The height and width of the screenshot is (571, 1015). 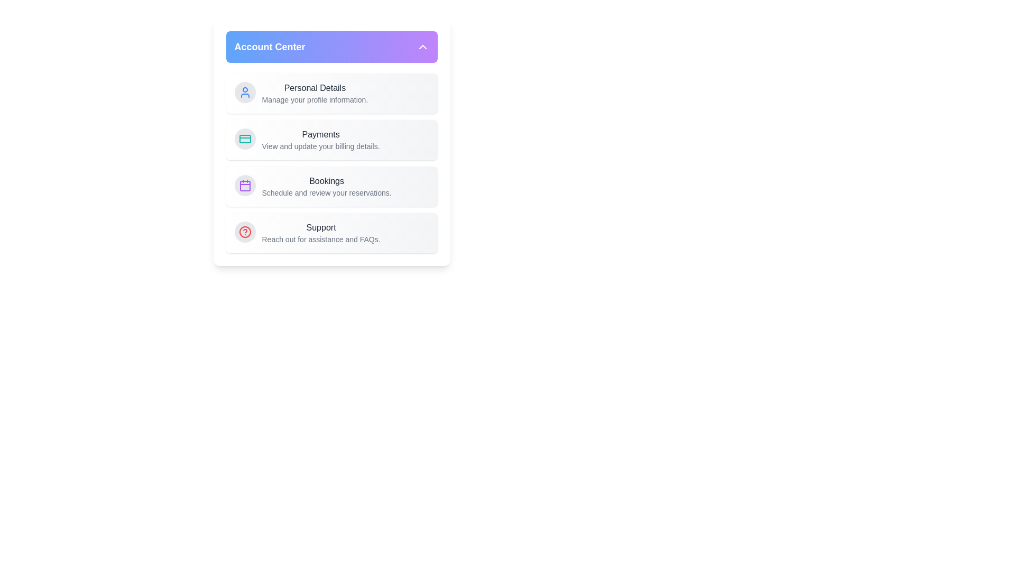 I want to click on the header button to toggle the menu open/close state, so click(x=331, y=46).